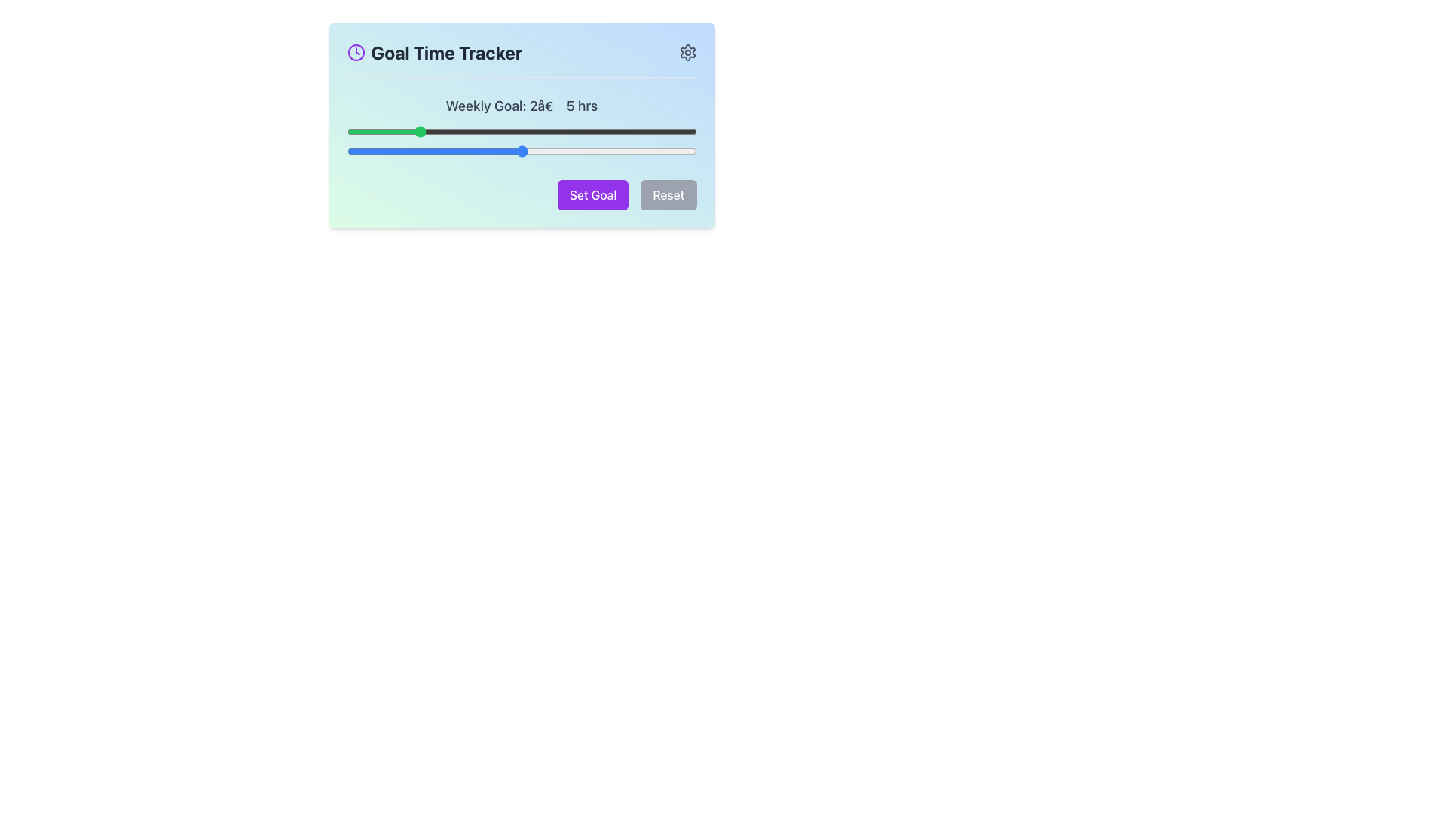 The width and height of the screenshot is (1447, 814). What do you see at coordinates (355, 51) in the screenshot?
I see `the decorative graphical circle element located within the clock-shaped SVG icon to the left of the 'Goal Time Tracker' text in the header` at bounding box center [355, 51].